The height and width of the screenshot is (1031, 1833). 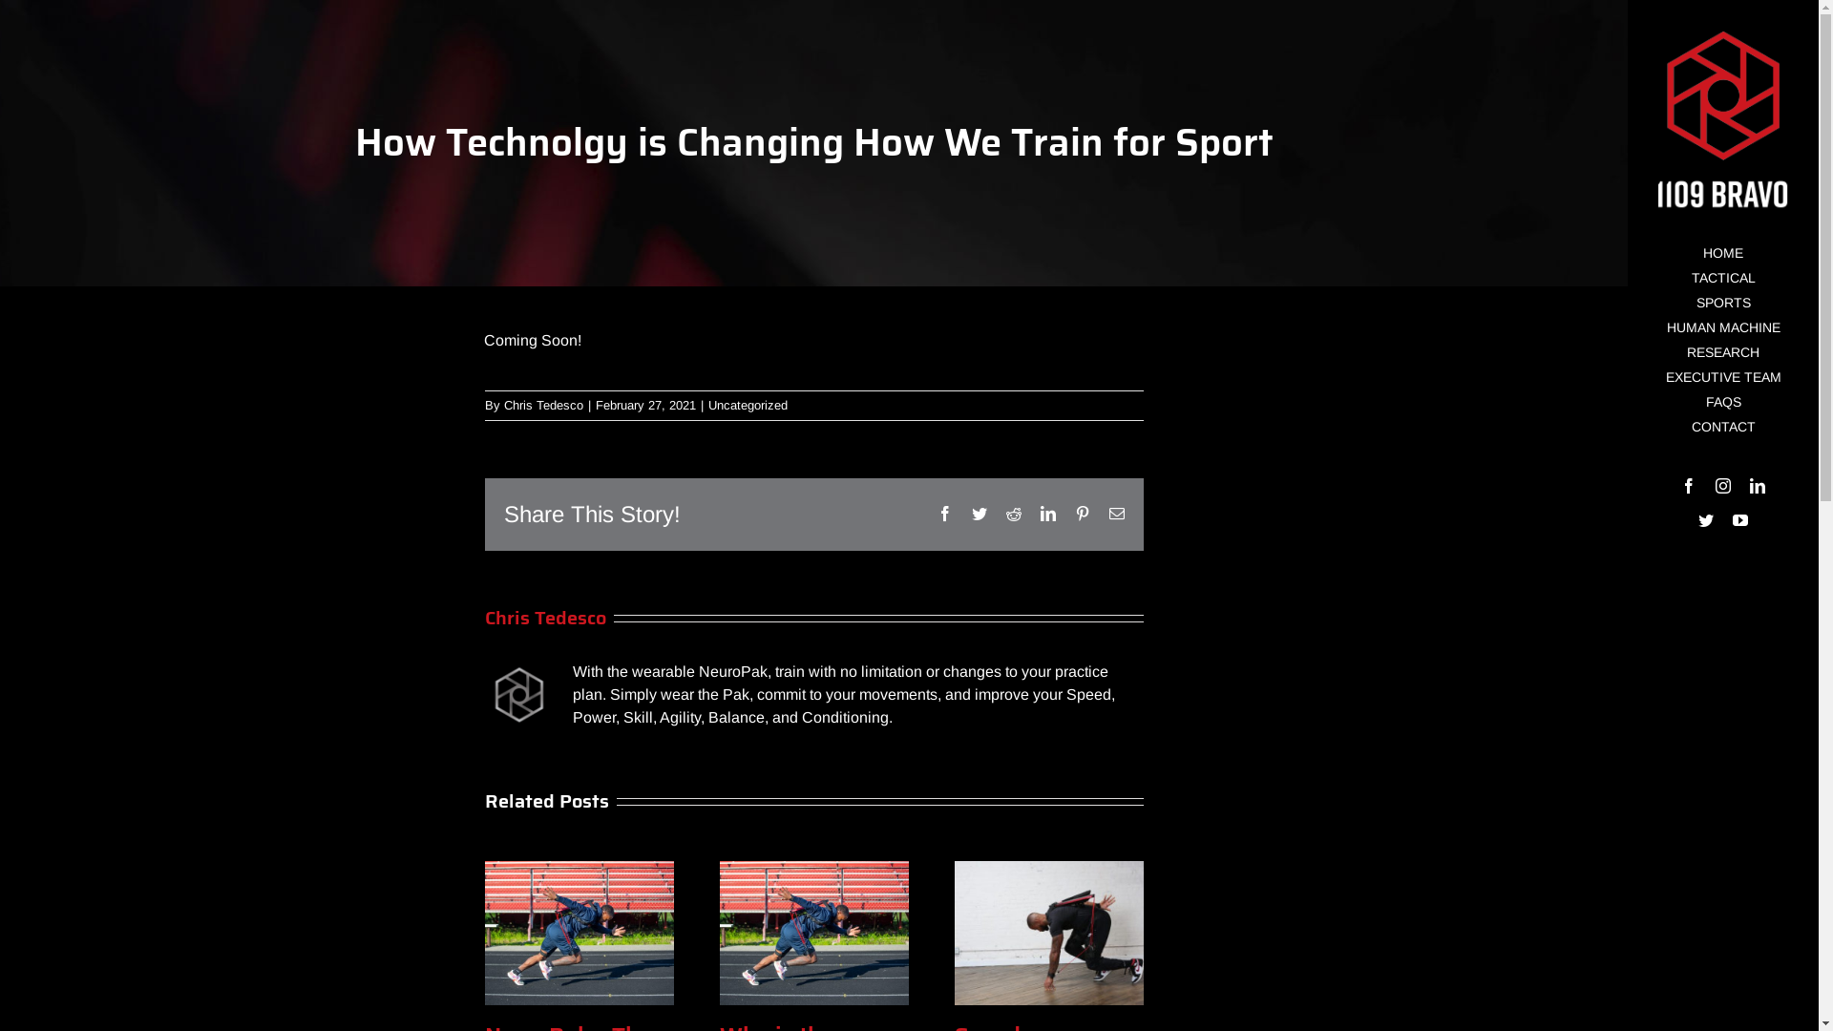 What do you see at coordinates (1626, 252) in the screenshot?
I see `'HOME'` at bounding box center [1626, 252].